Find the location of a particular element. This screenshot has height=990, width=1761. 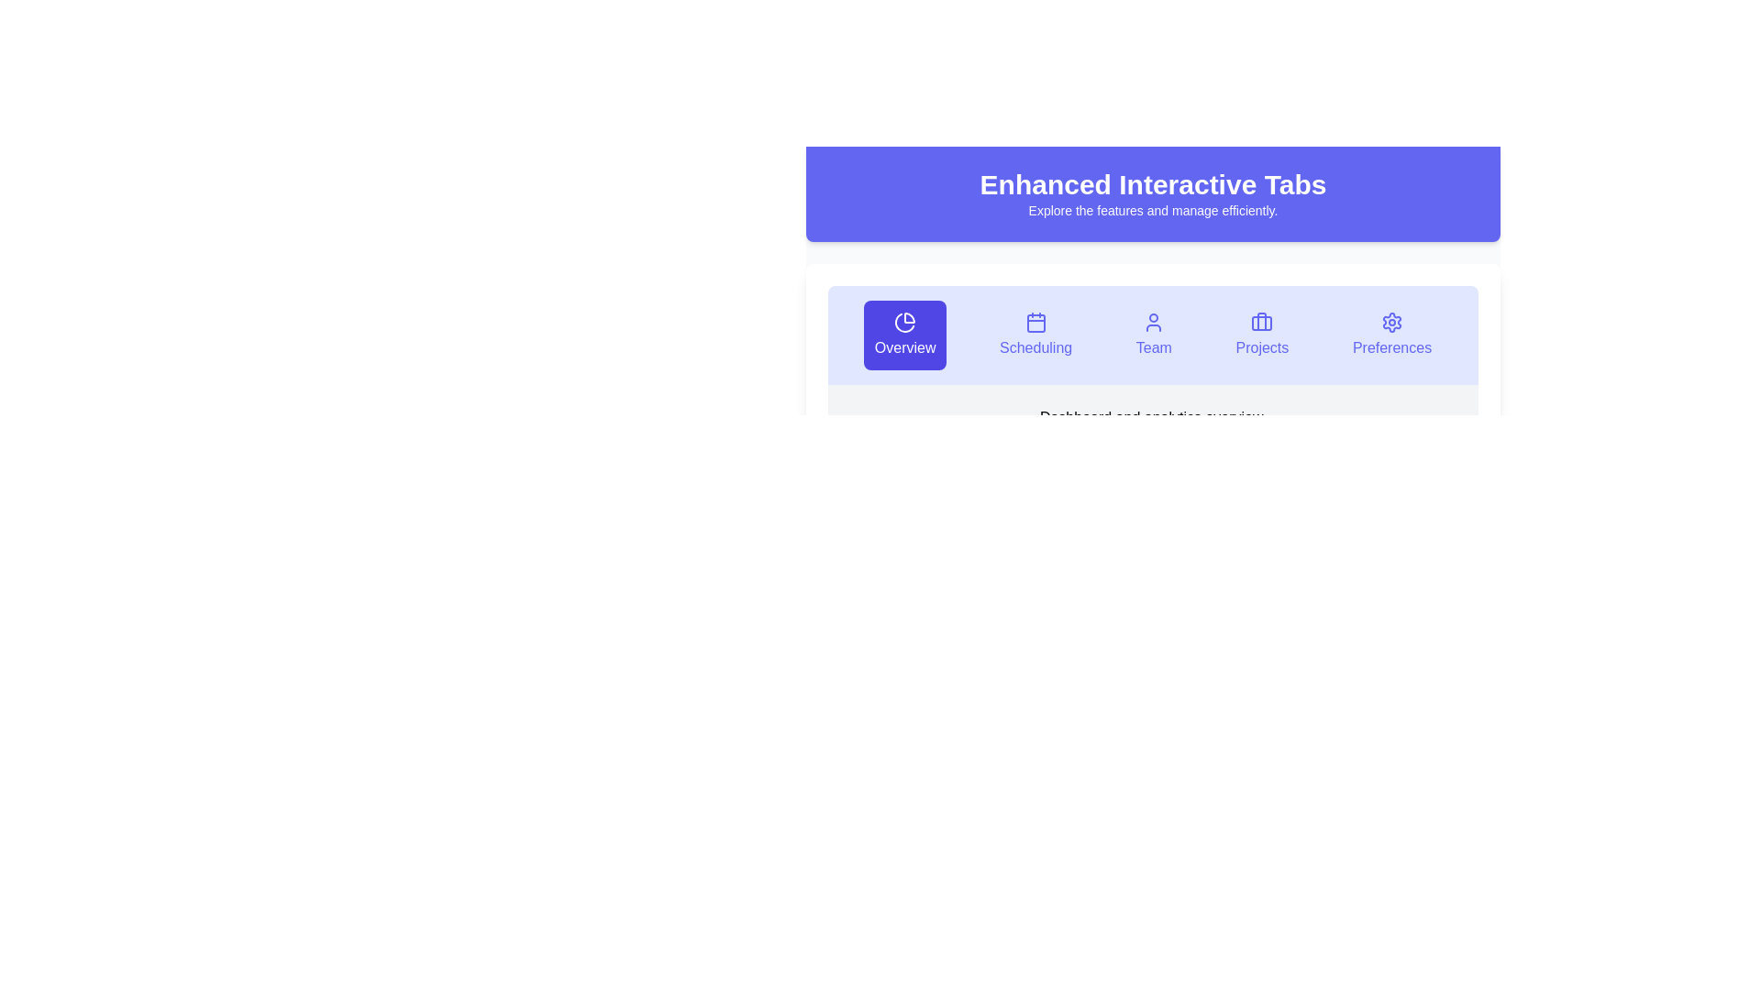

the rectangular SVG element with rounded corners and a light blue background located in the second position of the 'Scheduling' tab under 'Enhanced Interactive Tabs' is located at coordinates (1036, 323).